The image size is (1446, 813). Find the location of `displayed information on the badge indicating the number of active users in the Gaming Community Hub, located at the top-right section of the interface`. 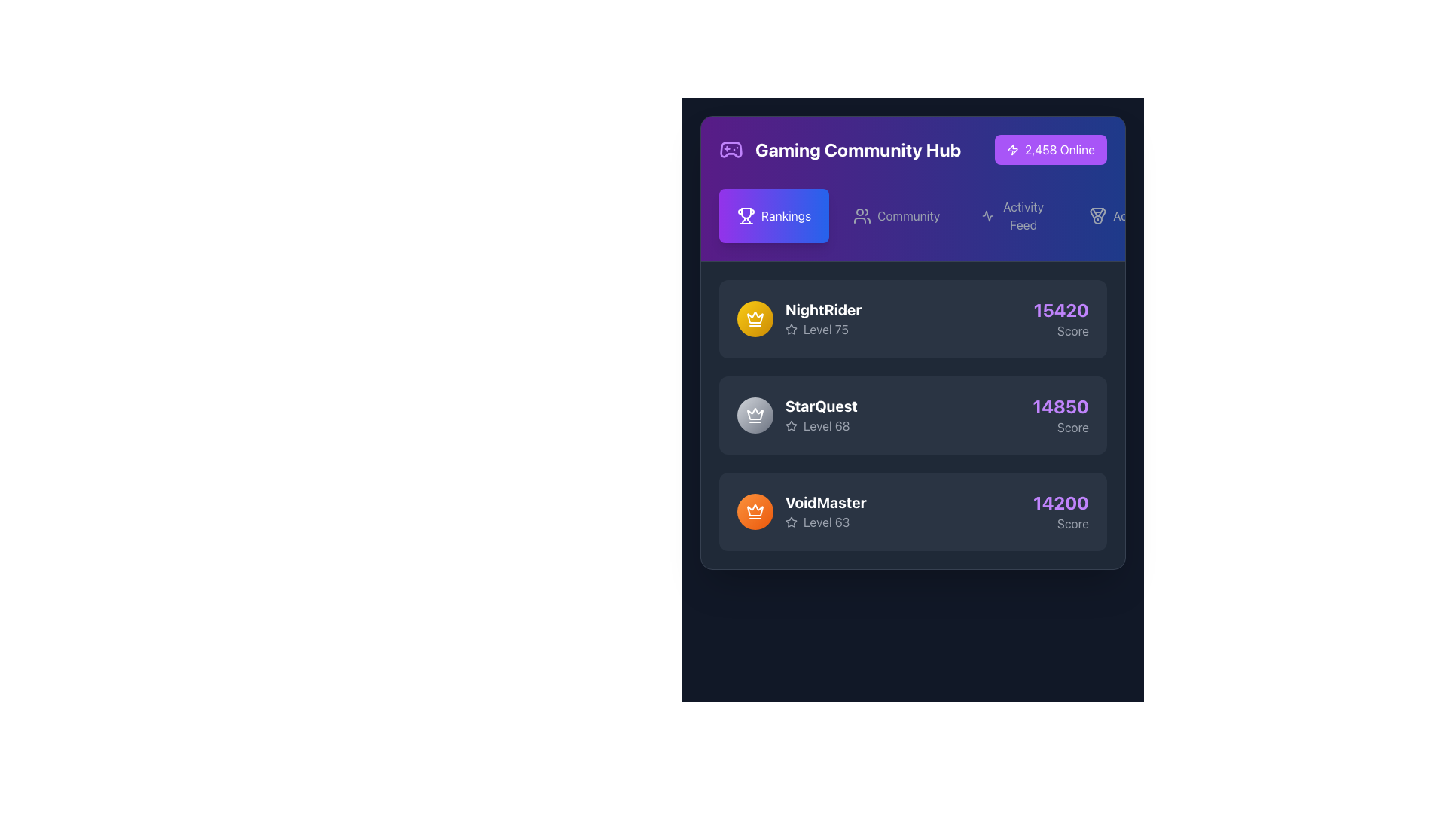

displayed information on the badge indicating the number of active users in the Gaming Community Hub, located at the top-right section of the interface is located at coordinates (1050, 150).